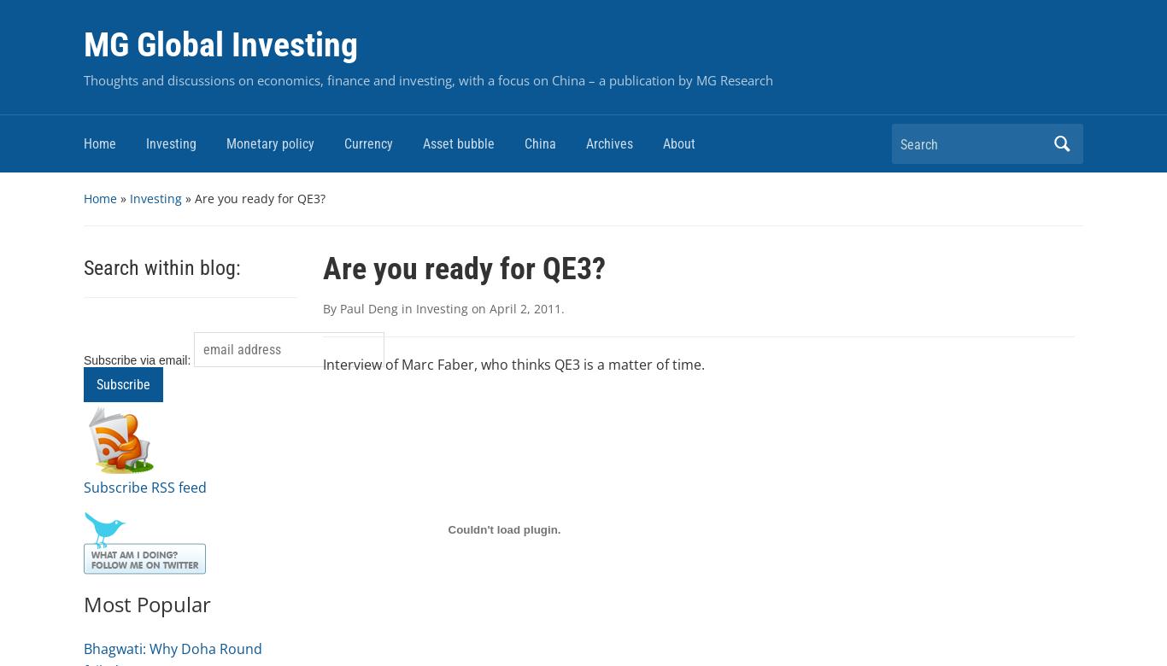  I want to click on 'By', so click(330, 307).